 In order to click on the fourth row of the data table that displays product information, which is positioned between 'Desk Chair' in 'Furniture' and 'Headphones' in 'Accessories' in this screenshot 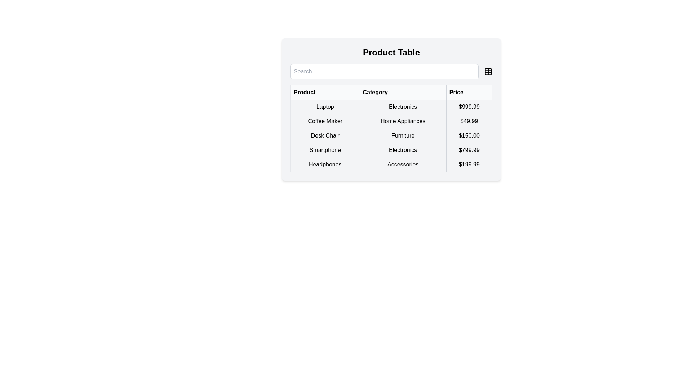, I will do `click(391, 149)`.